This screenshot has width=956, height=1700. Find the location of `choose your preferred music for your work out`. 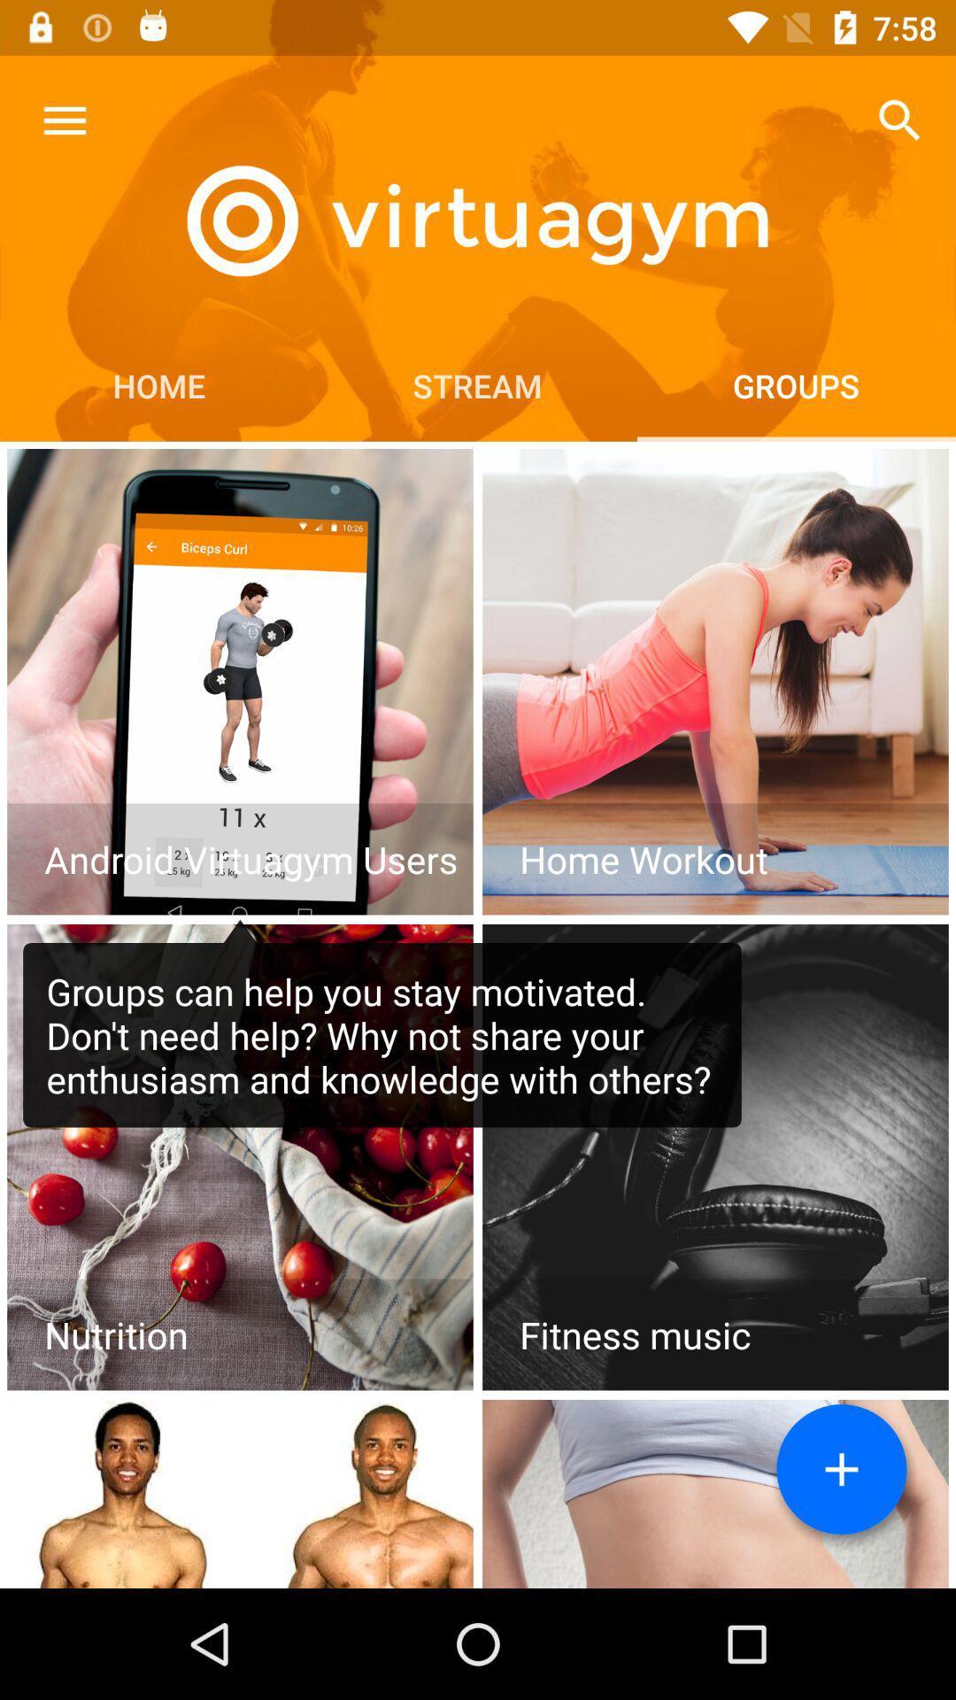

choose your preferred music for your work out is located at coordinates (714, 1157).